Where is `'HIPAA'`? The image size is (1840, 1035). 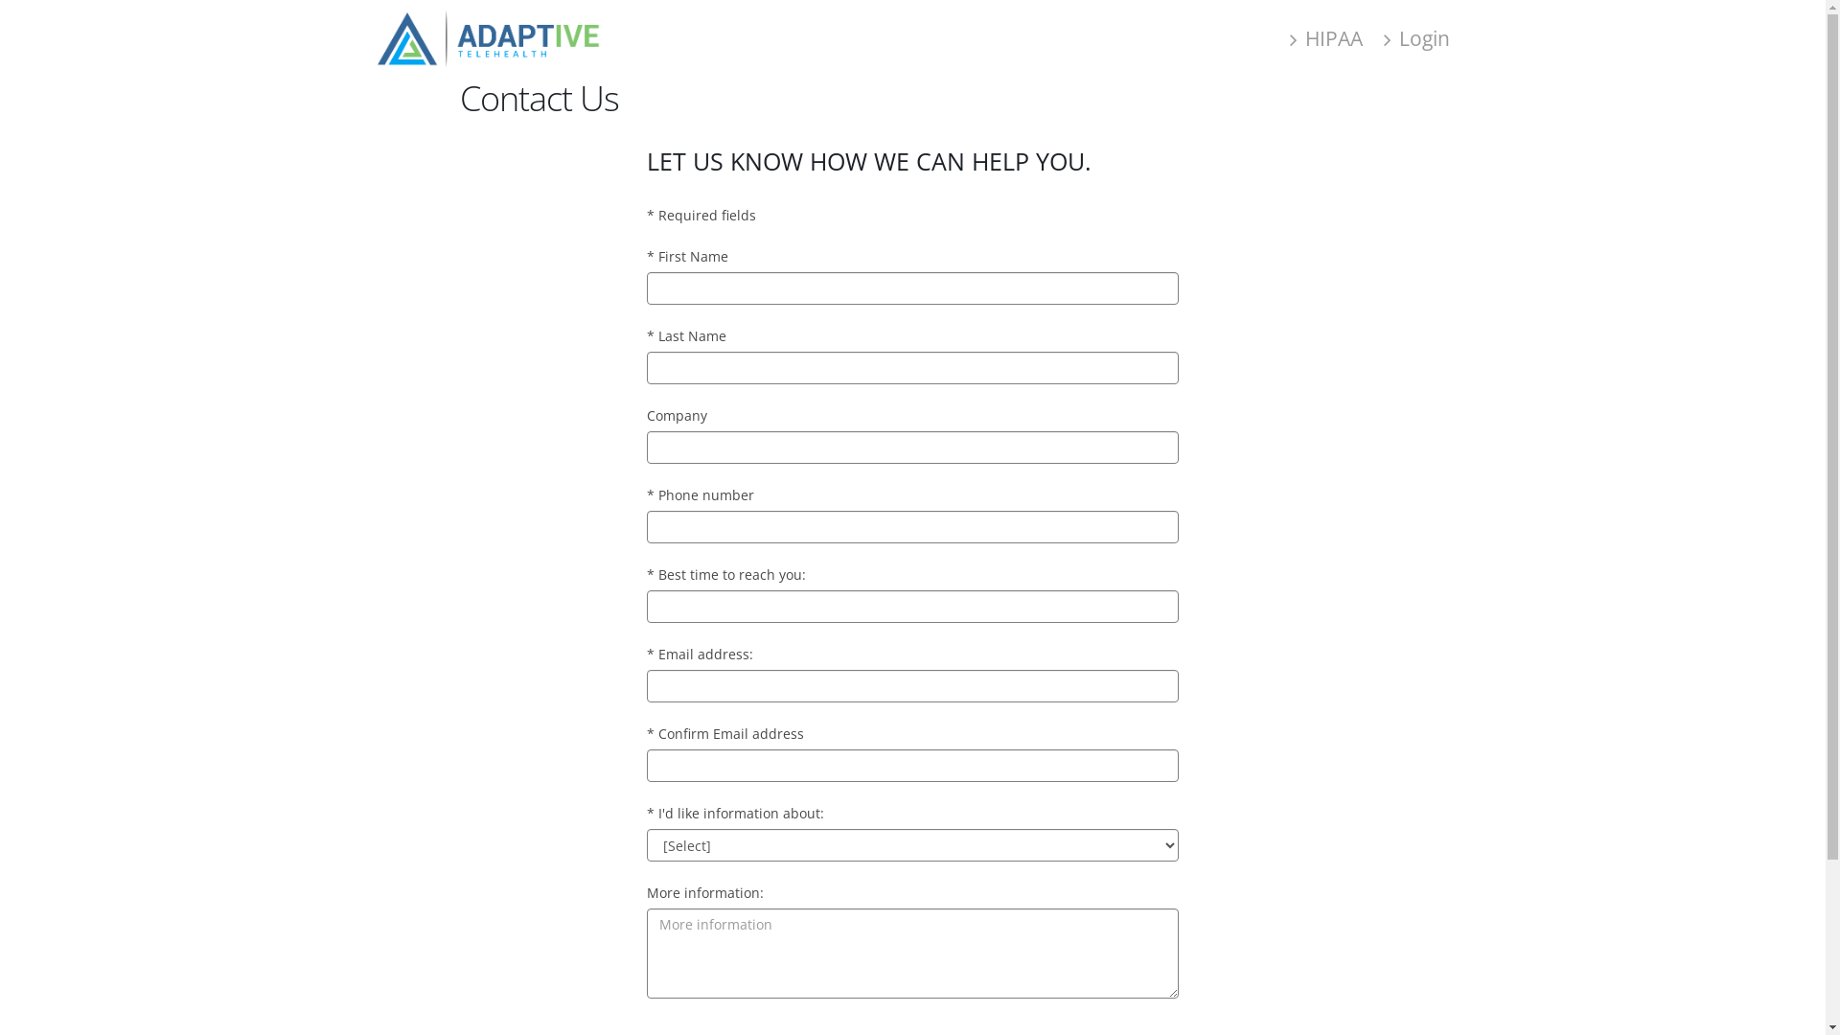
'HIPAA' is located at coordinates (1279, 37).